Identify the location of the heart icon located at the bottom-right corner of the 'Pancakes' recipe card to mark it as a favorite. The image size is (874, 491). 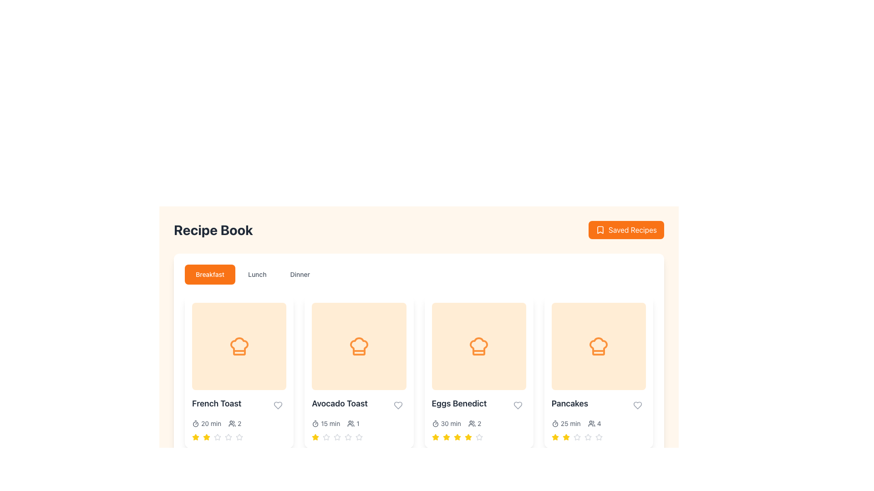
(637, 405).